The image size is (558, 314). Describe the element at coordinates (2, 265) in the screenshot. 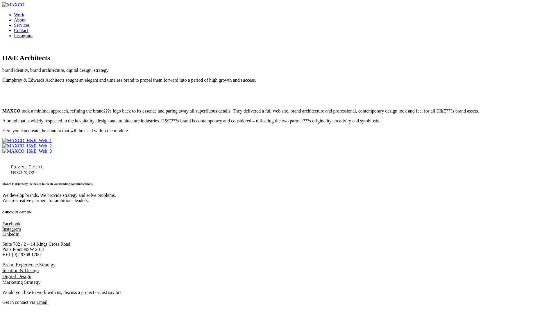

I see `'Brand Experience Strategy'` at that location.